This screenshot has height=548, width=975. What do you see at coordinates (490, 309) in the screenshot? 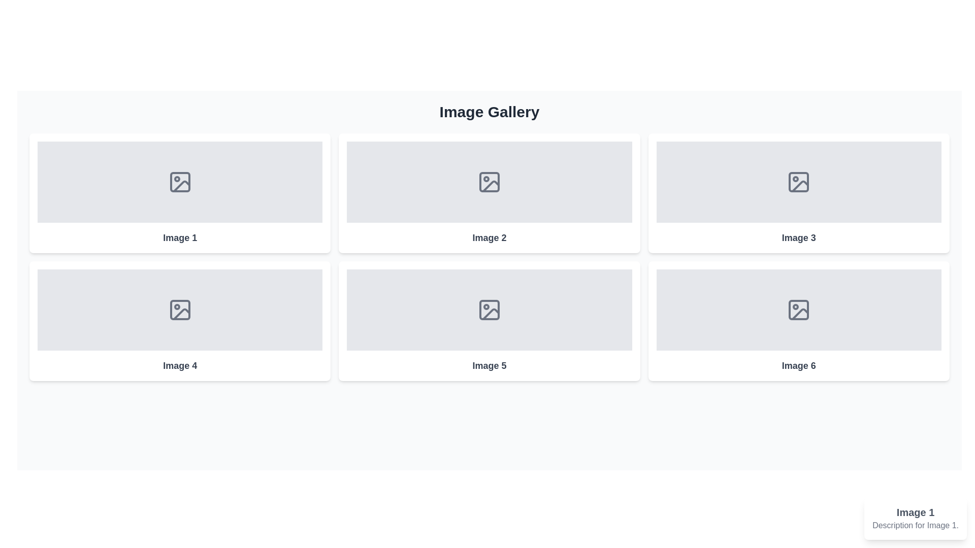
I see `the decorative visual indicator icon for the image placeholder located in the lower row, second column of a 2x3 grid layout` at bounding box center [490, 309].